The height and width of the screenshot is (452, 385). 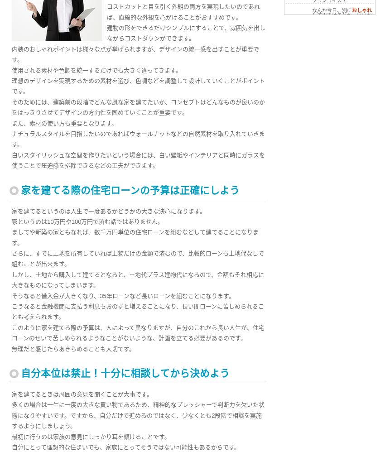 What do you see at coordinates (289, 29) in the screenshot?
I see `'> 自分本位は禁止！十分に相談してから決めよう'` at bounding box center [289, 29].